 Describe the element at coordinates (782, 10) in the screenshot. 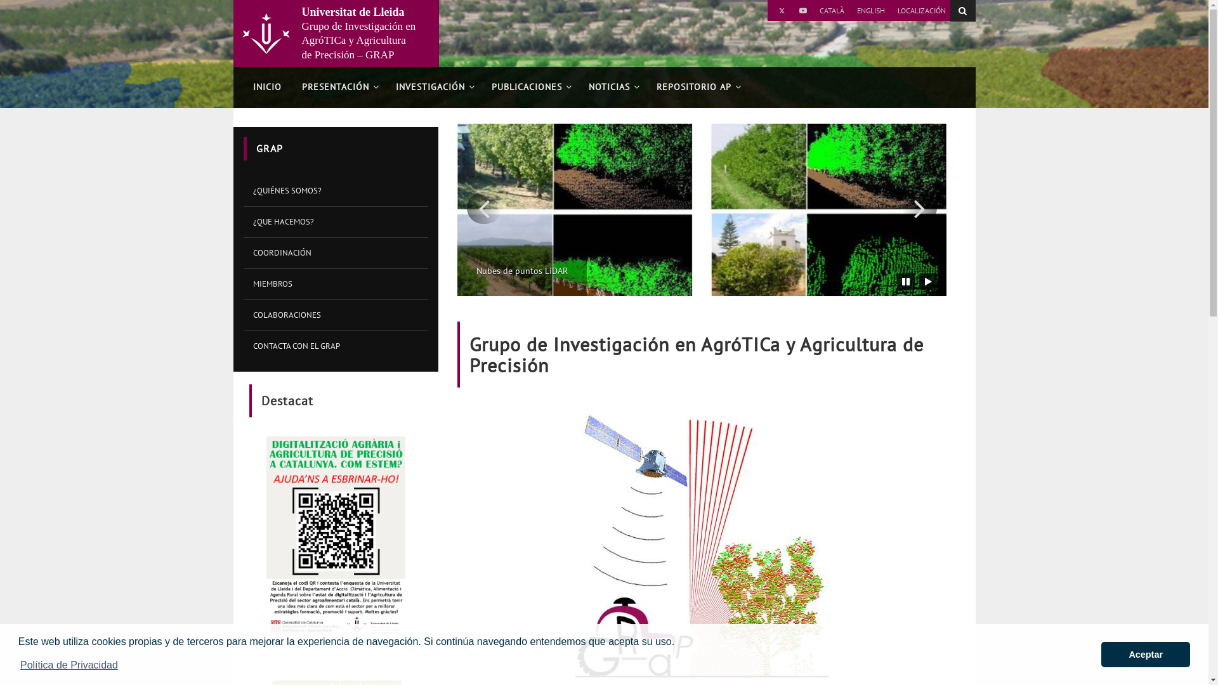

I see `'TWITTER'` at that location.